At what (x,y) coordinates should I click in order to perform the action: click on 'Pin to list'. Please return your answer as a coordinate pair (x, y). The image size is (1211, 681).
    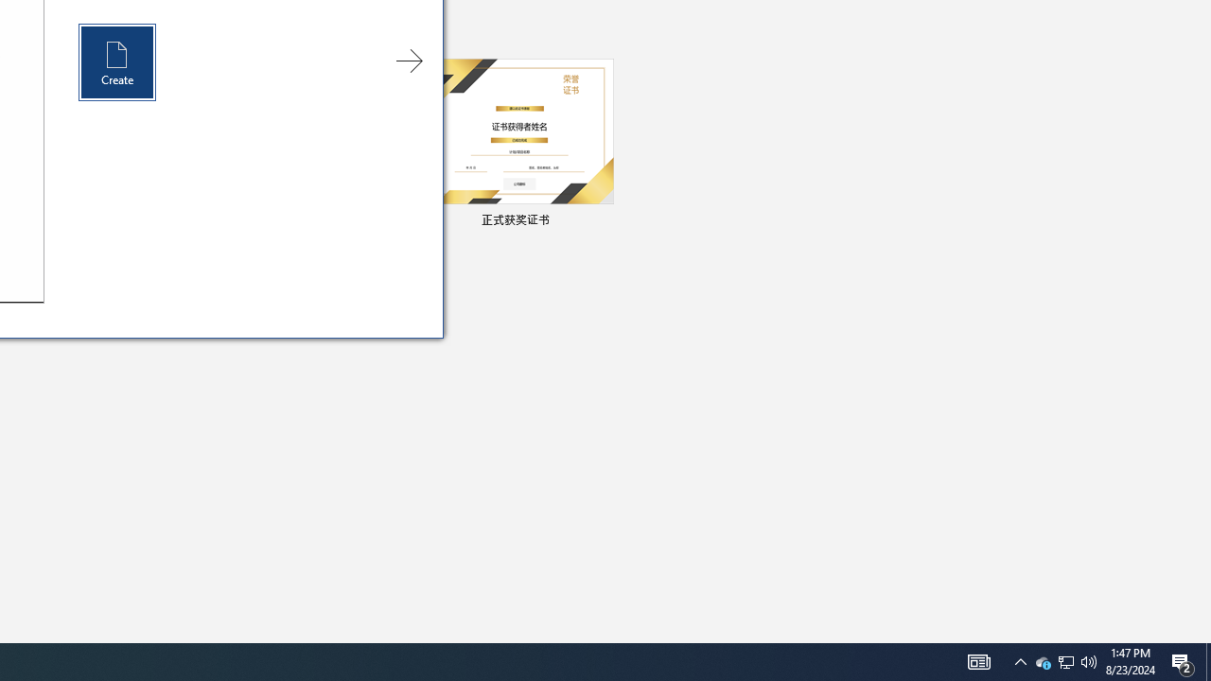
    Looking at the image, I should click on (601, 221).